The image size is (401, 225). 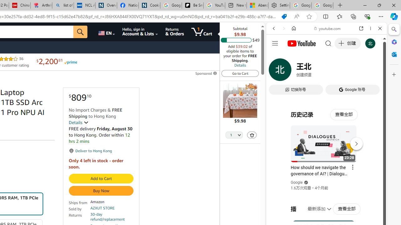 What do you see at coordinates (279, 5) in the screenshot?
I see `'Settings'` at bounding box center [279, 5].